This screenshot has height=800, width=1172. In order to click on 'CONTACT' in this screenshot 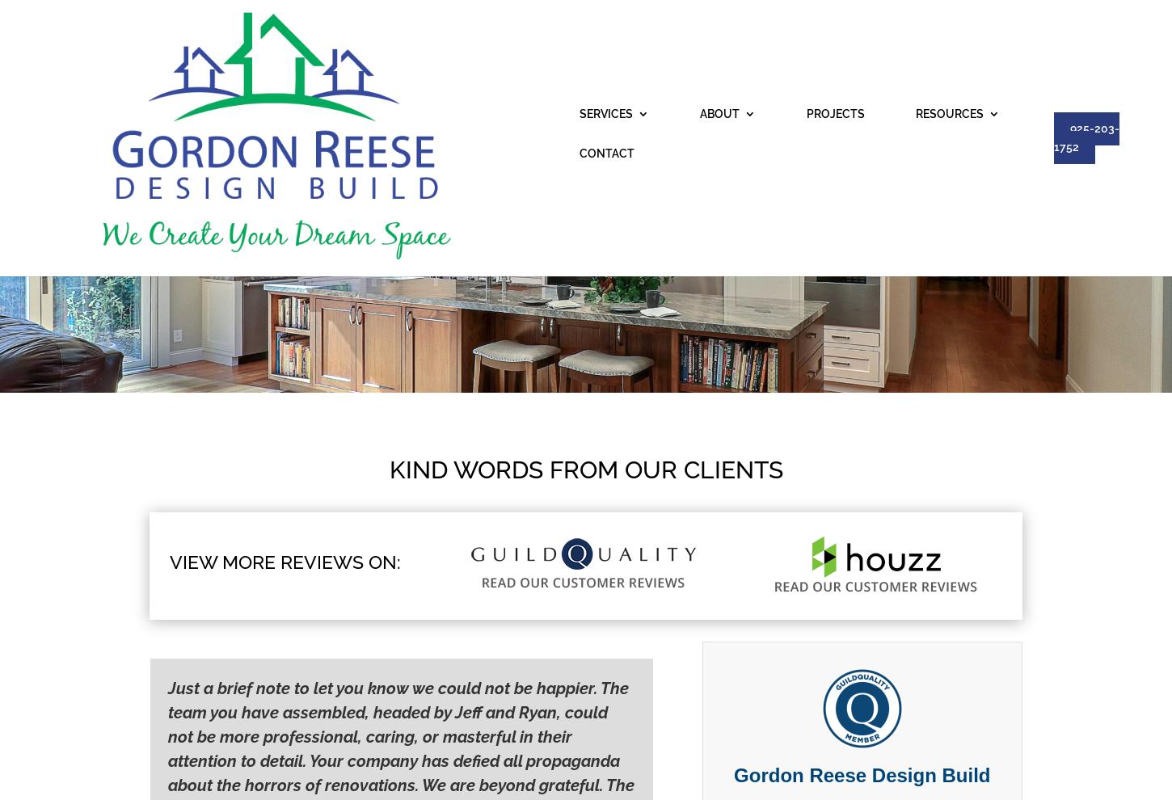, I will do `click(824, 32)`.